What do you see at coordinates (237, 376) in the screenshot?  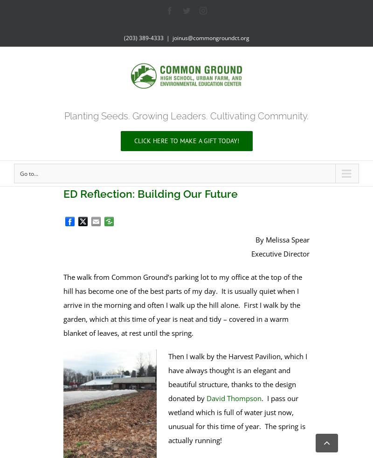 I see `'Then I walk by the Harvest Pavilion, which I have always thought is an elegant and beautiful structure, thanks to the design donated by'` at bounding box center [237, 376].